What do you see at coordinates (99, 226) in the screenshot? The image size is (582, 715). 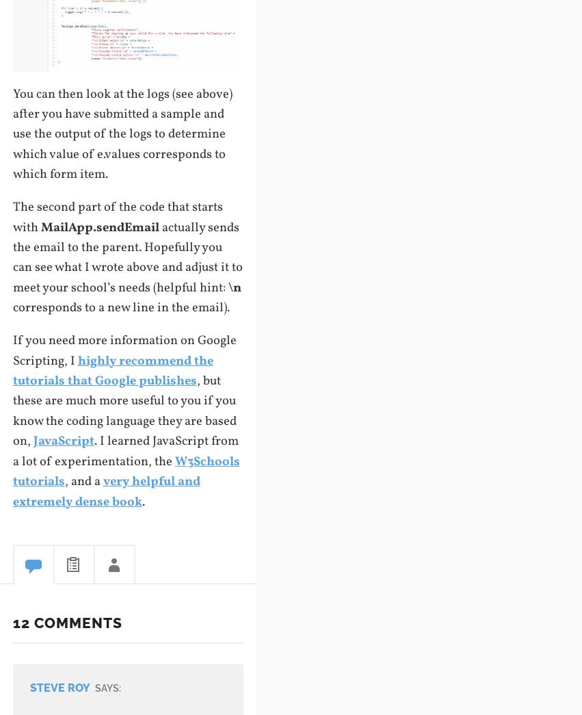 I see `'MailApp.sendEmail'` at bounding box center [99, 226].